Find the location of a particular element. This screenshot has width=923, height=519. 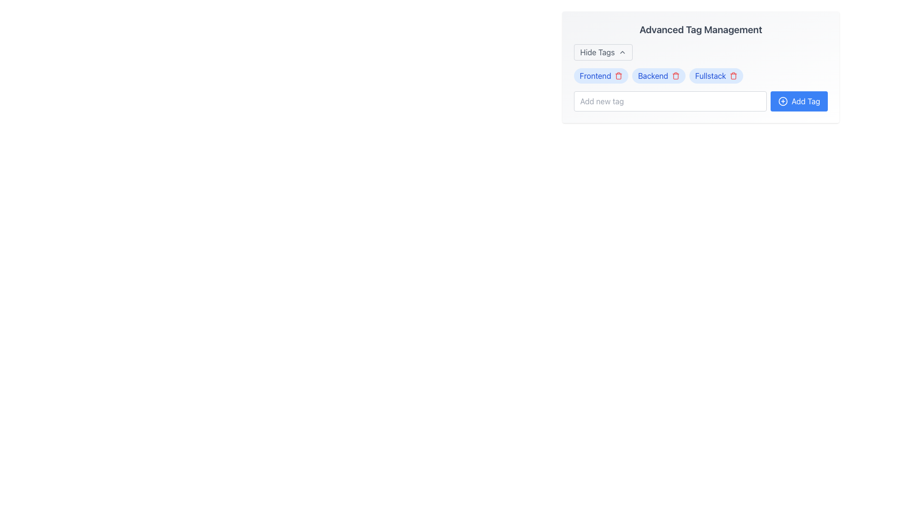

the 'Fullstack' badge component, which is the third badge in a horizontal list within the 'Advanced Tag Management' section is located at coordinates (716, 75).